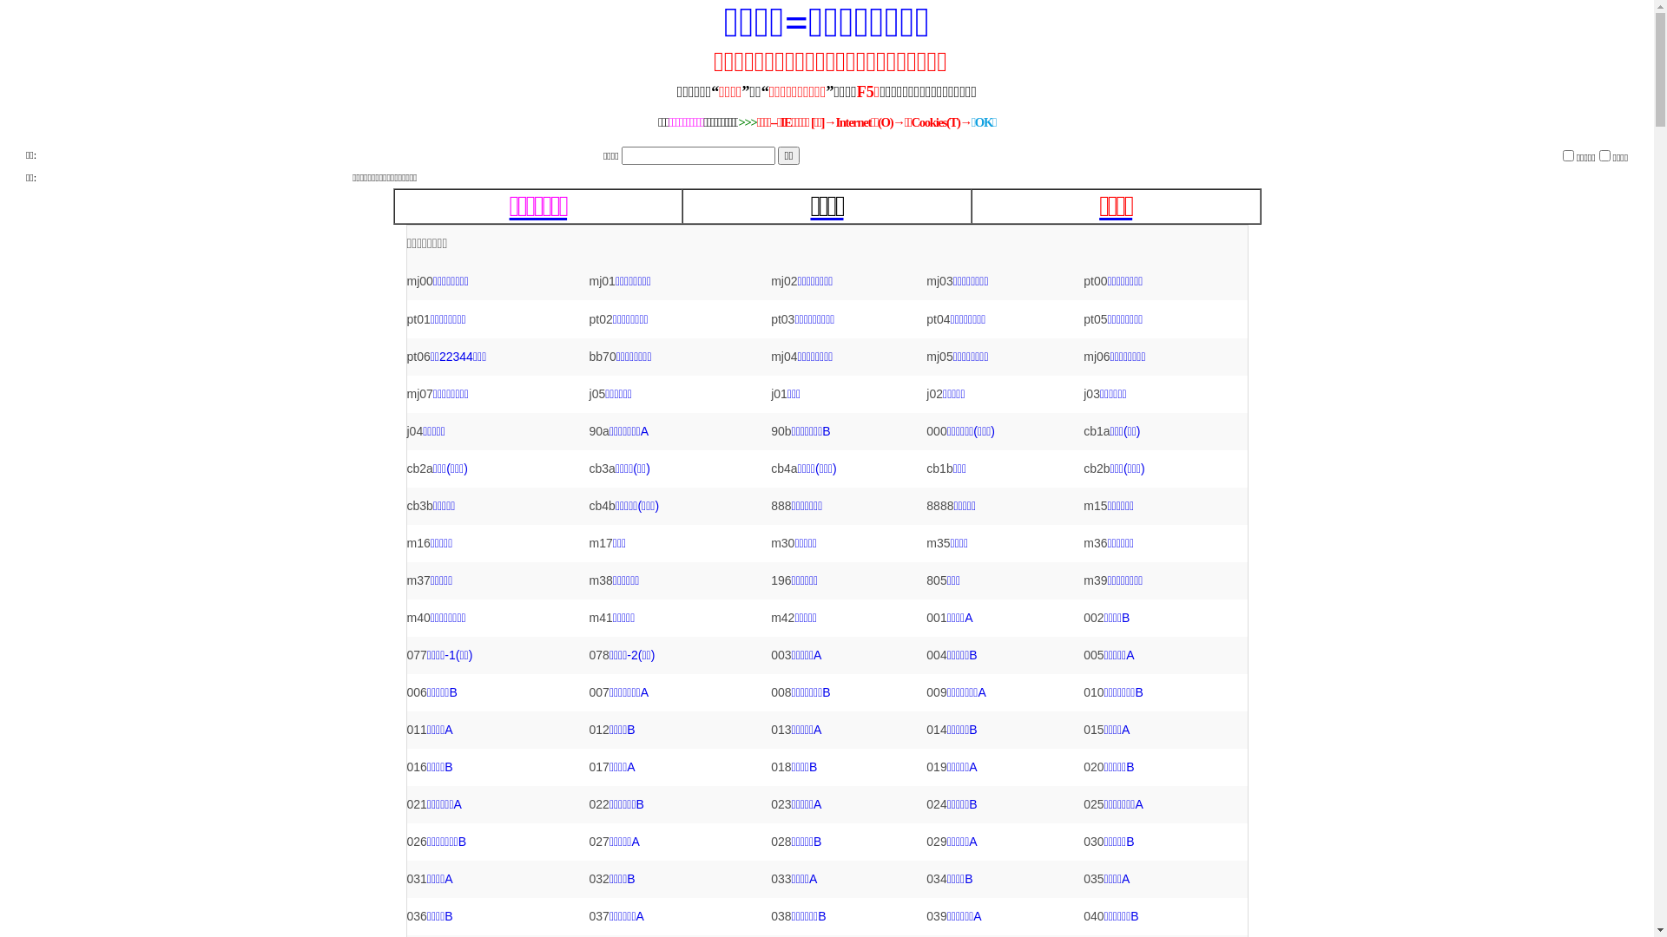  What do you see at coordinates (770, 280) in the screenshot?
I see `'mj02'` at bounding box center [770, 280].